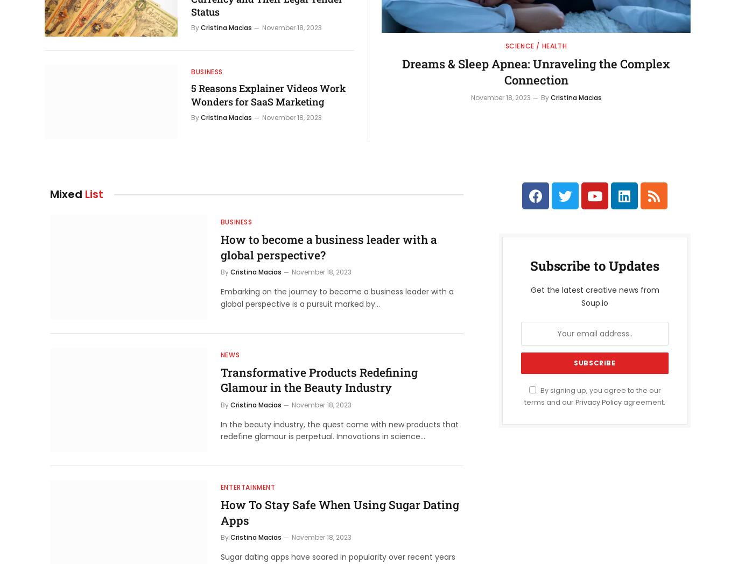  What do you see at coordinates (599, 401) in the screenshot?
I see `'Privacy Policy'` at bounding box center [599, 401].